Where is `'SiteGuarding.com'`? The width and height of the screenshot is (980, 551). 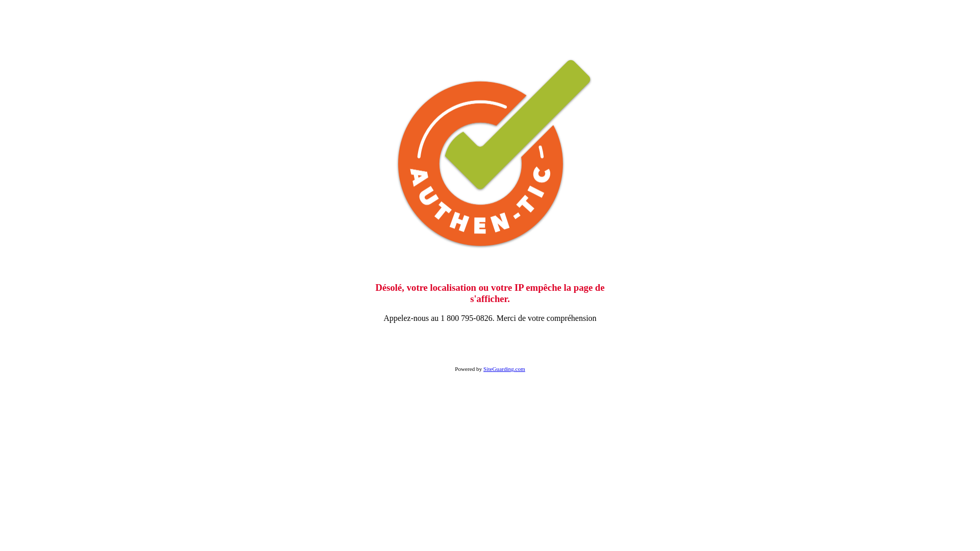
'SiteGuarding.com' is located at coordinates (504, 368).